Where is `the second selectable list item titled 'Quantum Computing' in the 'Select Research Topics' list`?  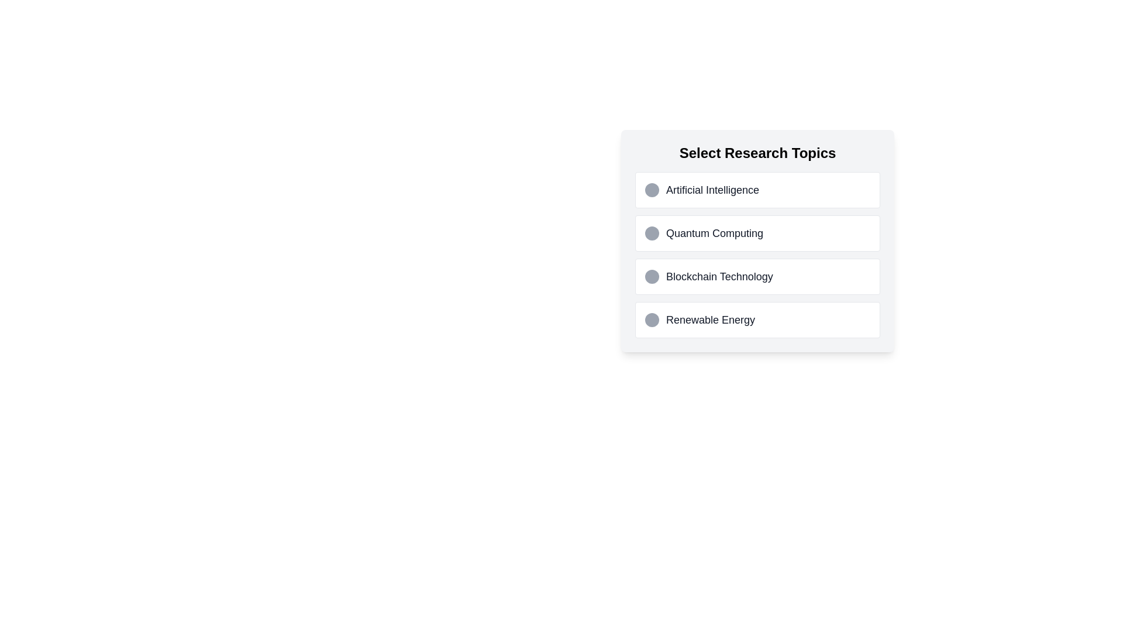 the second selectable list item titled 'Quantum Computing' in the 'Select Research Topics' list is located at coordinates (704, 233).